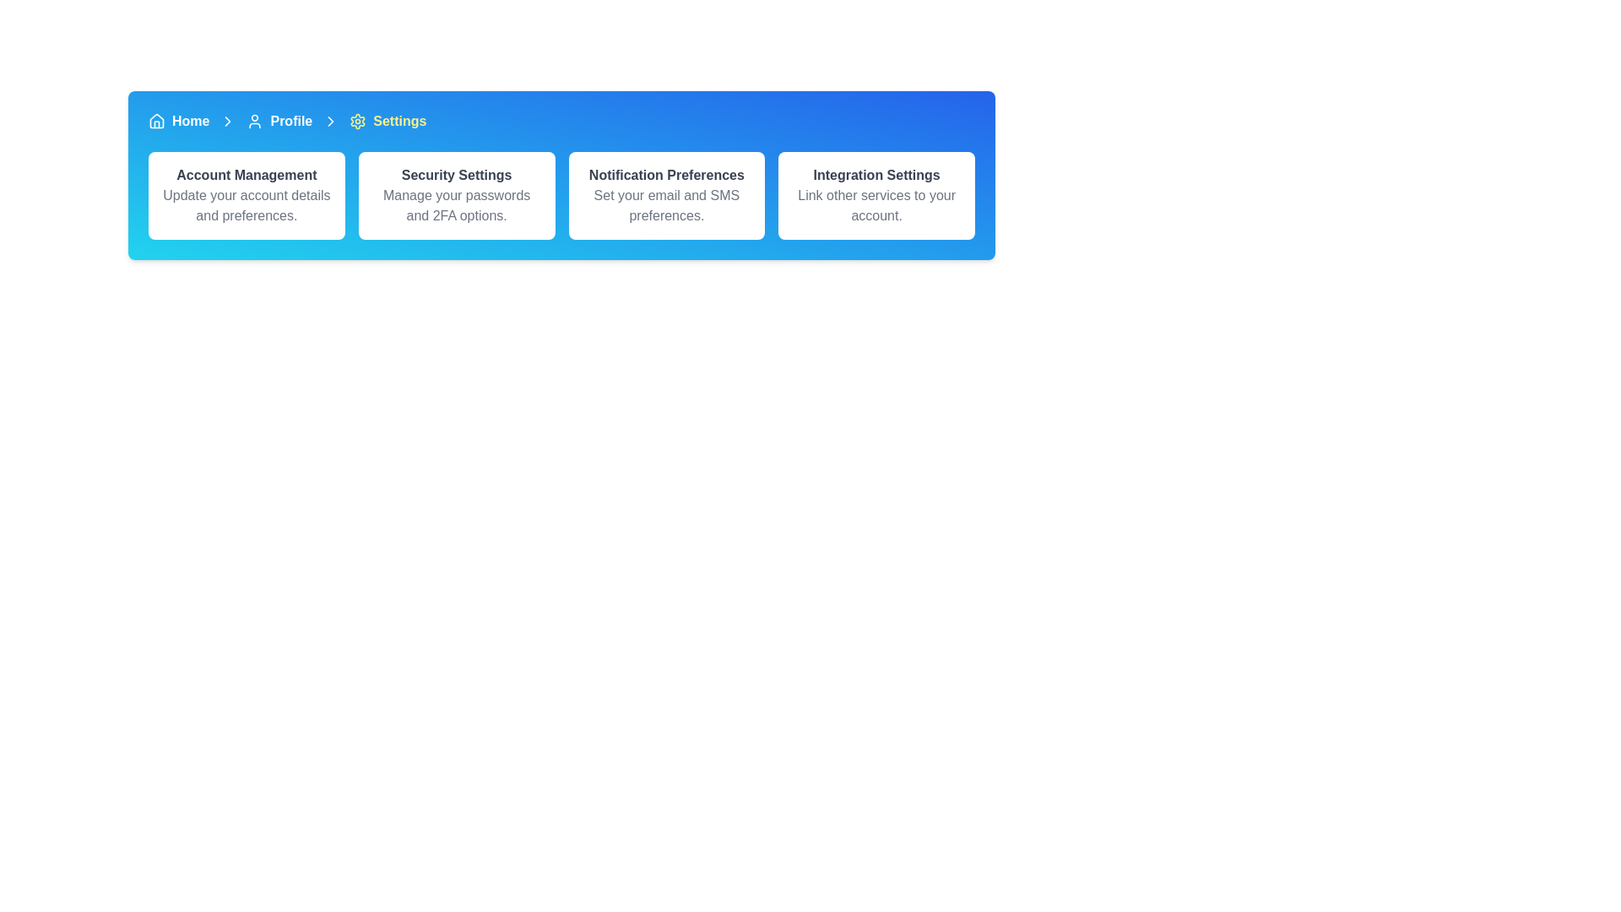  Describe the element at coordinates (876, 176) in the screenshot. I see `the text label reading 'Integration Settings', which is styled with a semi-bold font and dark gray color, located at the top of the rightmost box in a grid of four boxes` at that location.